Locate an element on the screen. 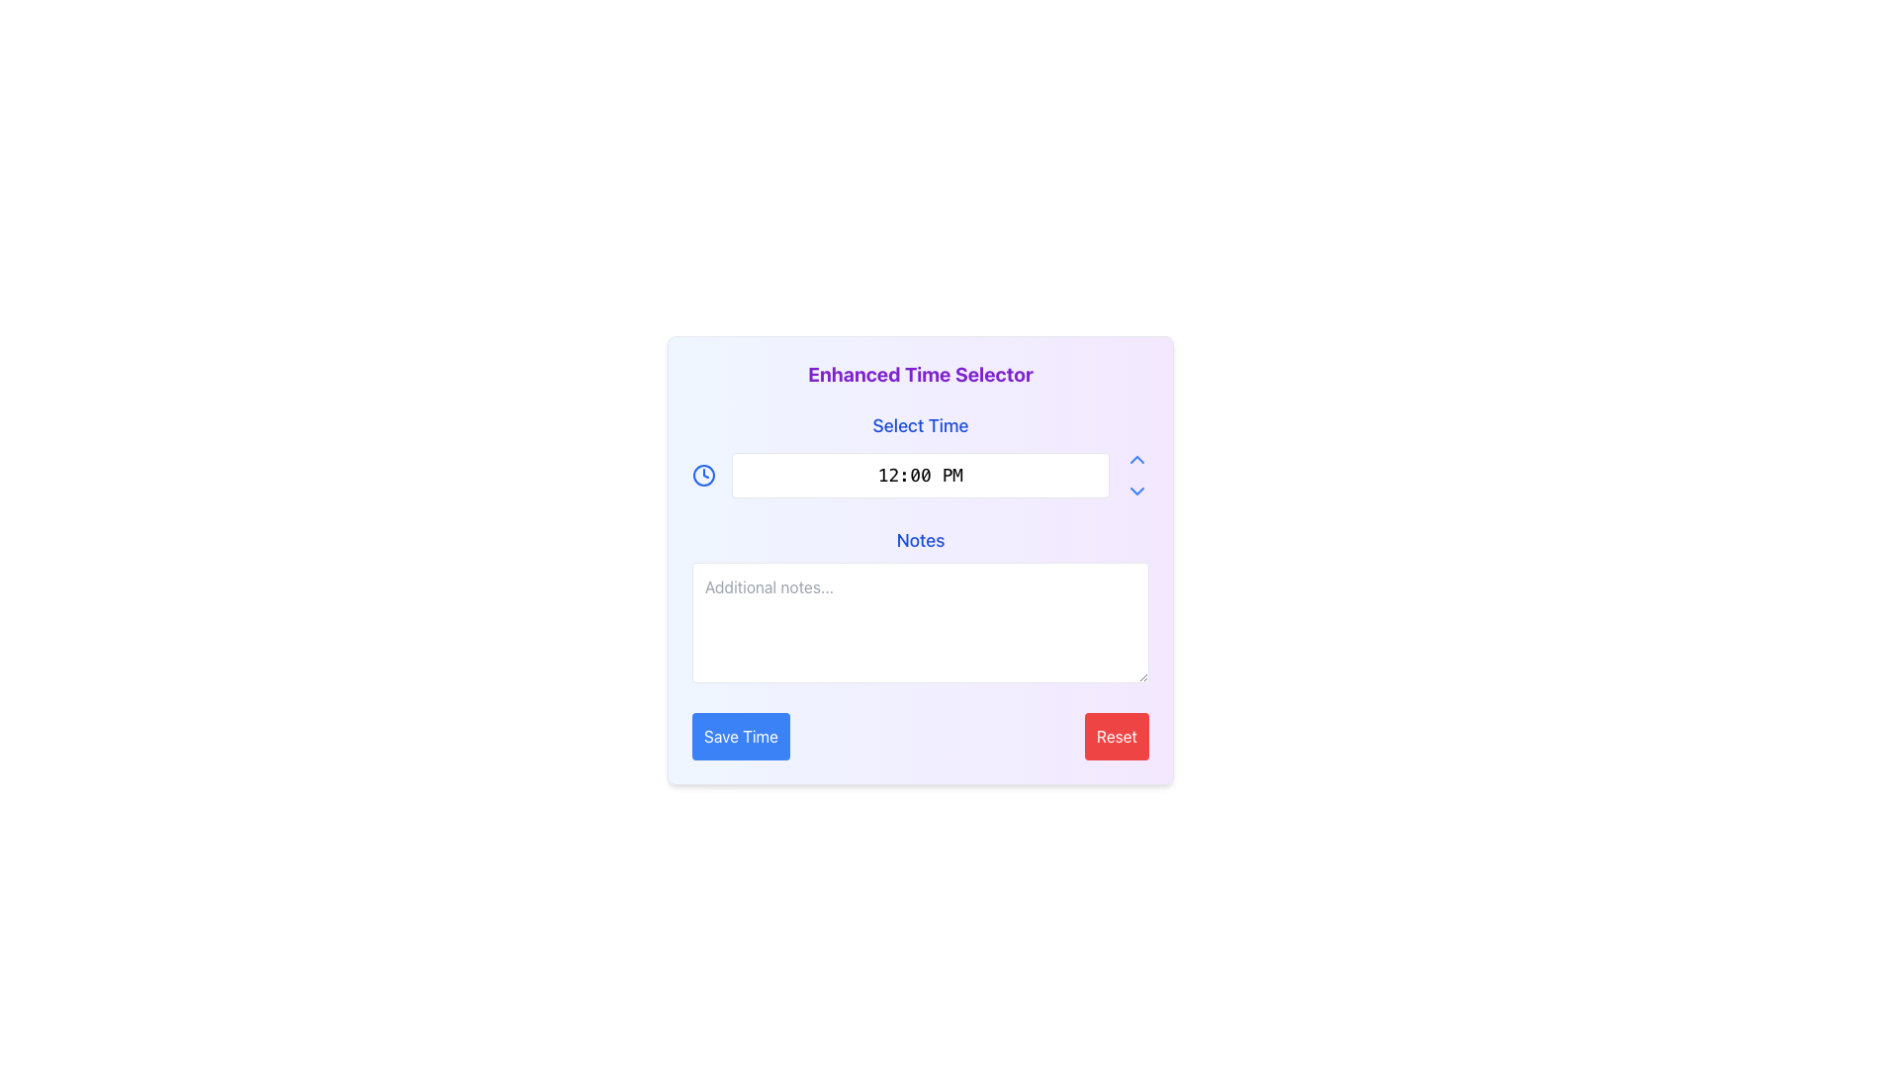 This screenshot has width=1899, height=1068. the 'Save Time' button located in the bottom-left corner of the form panel is located at coordinates (739, 736).